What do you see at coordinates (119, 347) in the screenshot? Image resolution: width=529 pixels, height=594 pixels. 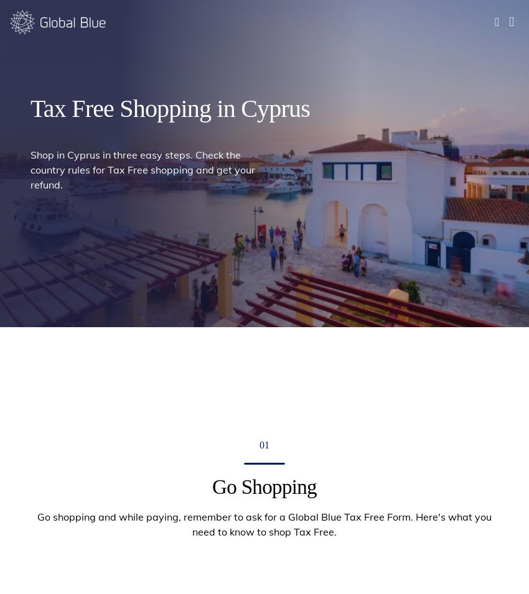 I see `'Standard and registered mail'` at bounding box center [119, 347].